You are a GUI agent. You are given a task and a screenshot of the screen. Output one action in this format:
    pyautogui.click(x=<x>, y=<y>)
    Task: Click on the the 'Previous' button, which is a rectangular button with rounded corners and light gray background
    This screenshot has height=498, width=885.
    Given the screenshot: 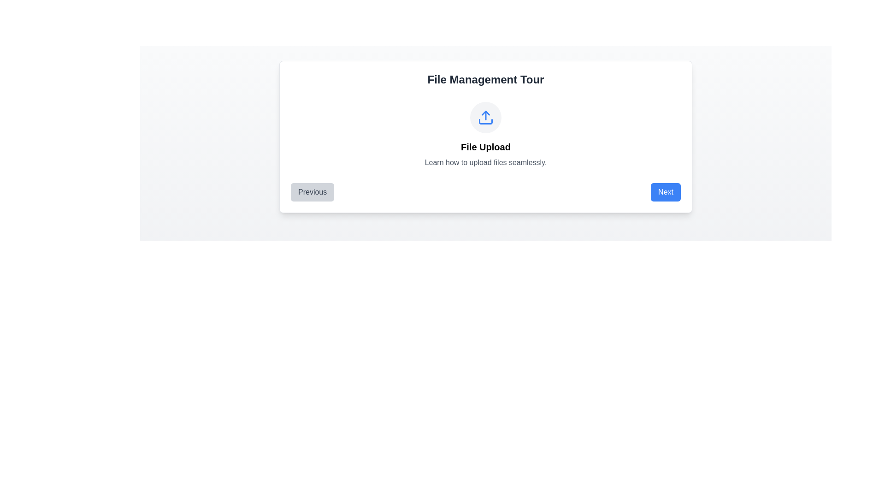 What is the action you would take?
    pyautogui.click(x=313, y=191)
    